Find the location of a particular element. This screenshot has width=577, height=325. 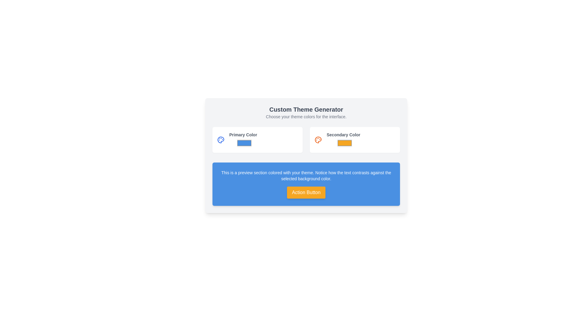

the blue background section containing the text and the 'Action Button' is located at coordinates (306, 184).